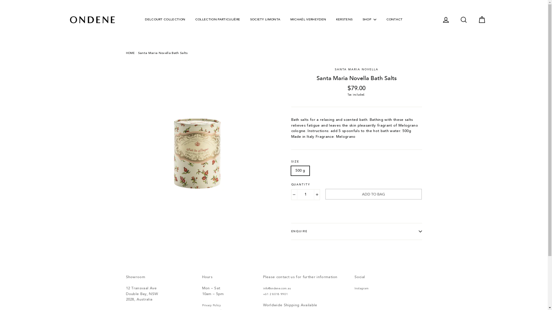 The image size is (552, 310). Describe the element at coordinates (130, 53) in the screenshot. I see `'HOME'` at that location.